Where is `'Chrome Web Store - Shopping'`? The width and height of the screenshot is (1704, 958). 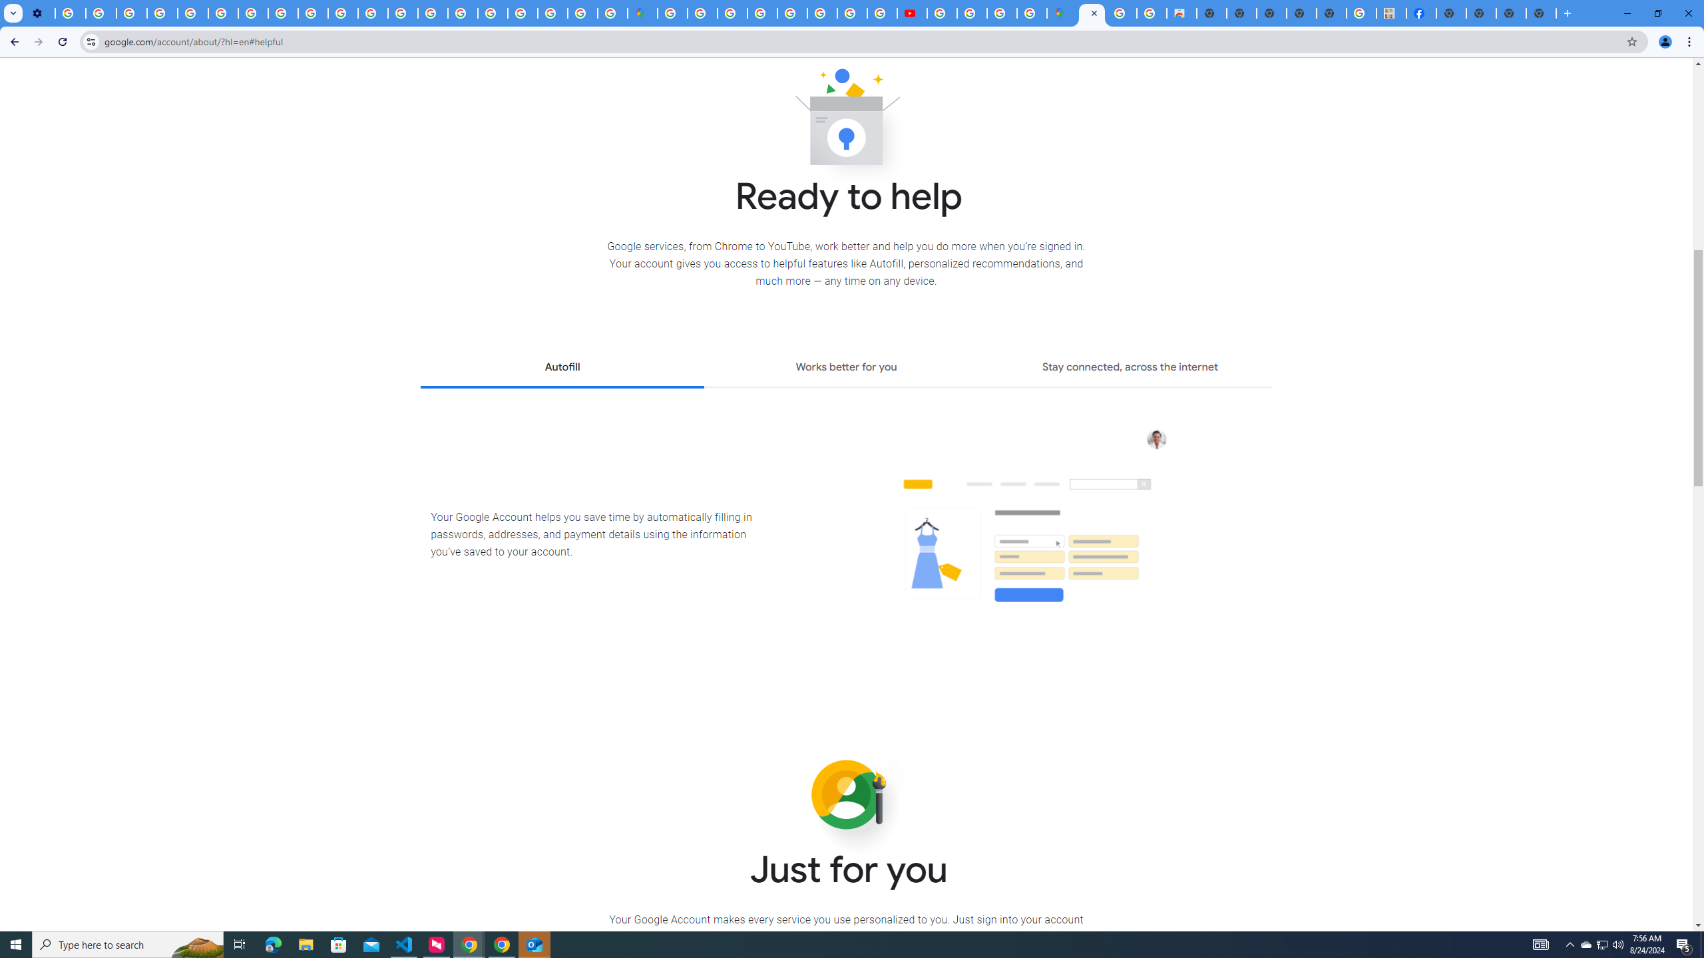
'Chrome Web Store - Shopping' is located at coordinates (1181, 13).